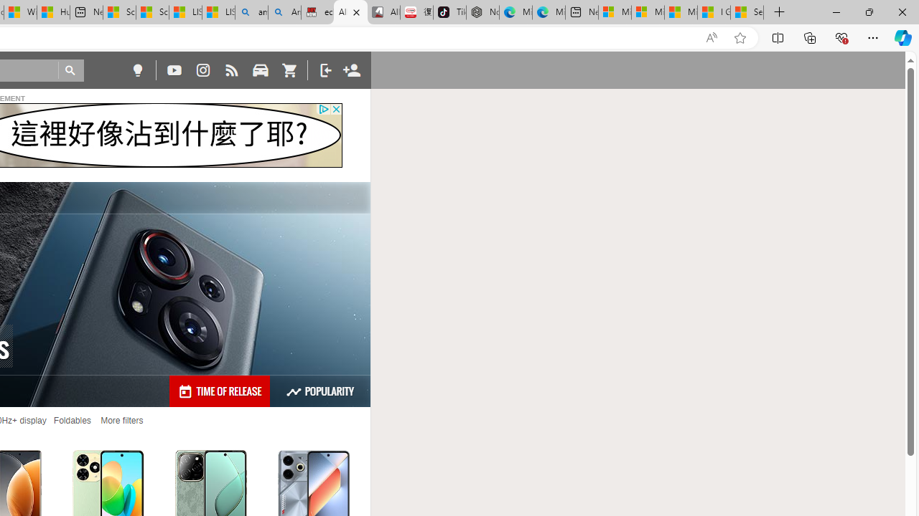 This screenshot has height=516, width=919. Describe the element at coordinates (841, 37) in the screenshot. I see `'Browser essentials'` at that location.